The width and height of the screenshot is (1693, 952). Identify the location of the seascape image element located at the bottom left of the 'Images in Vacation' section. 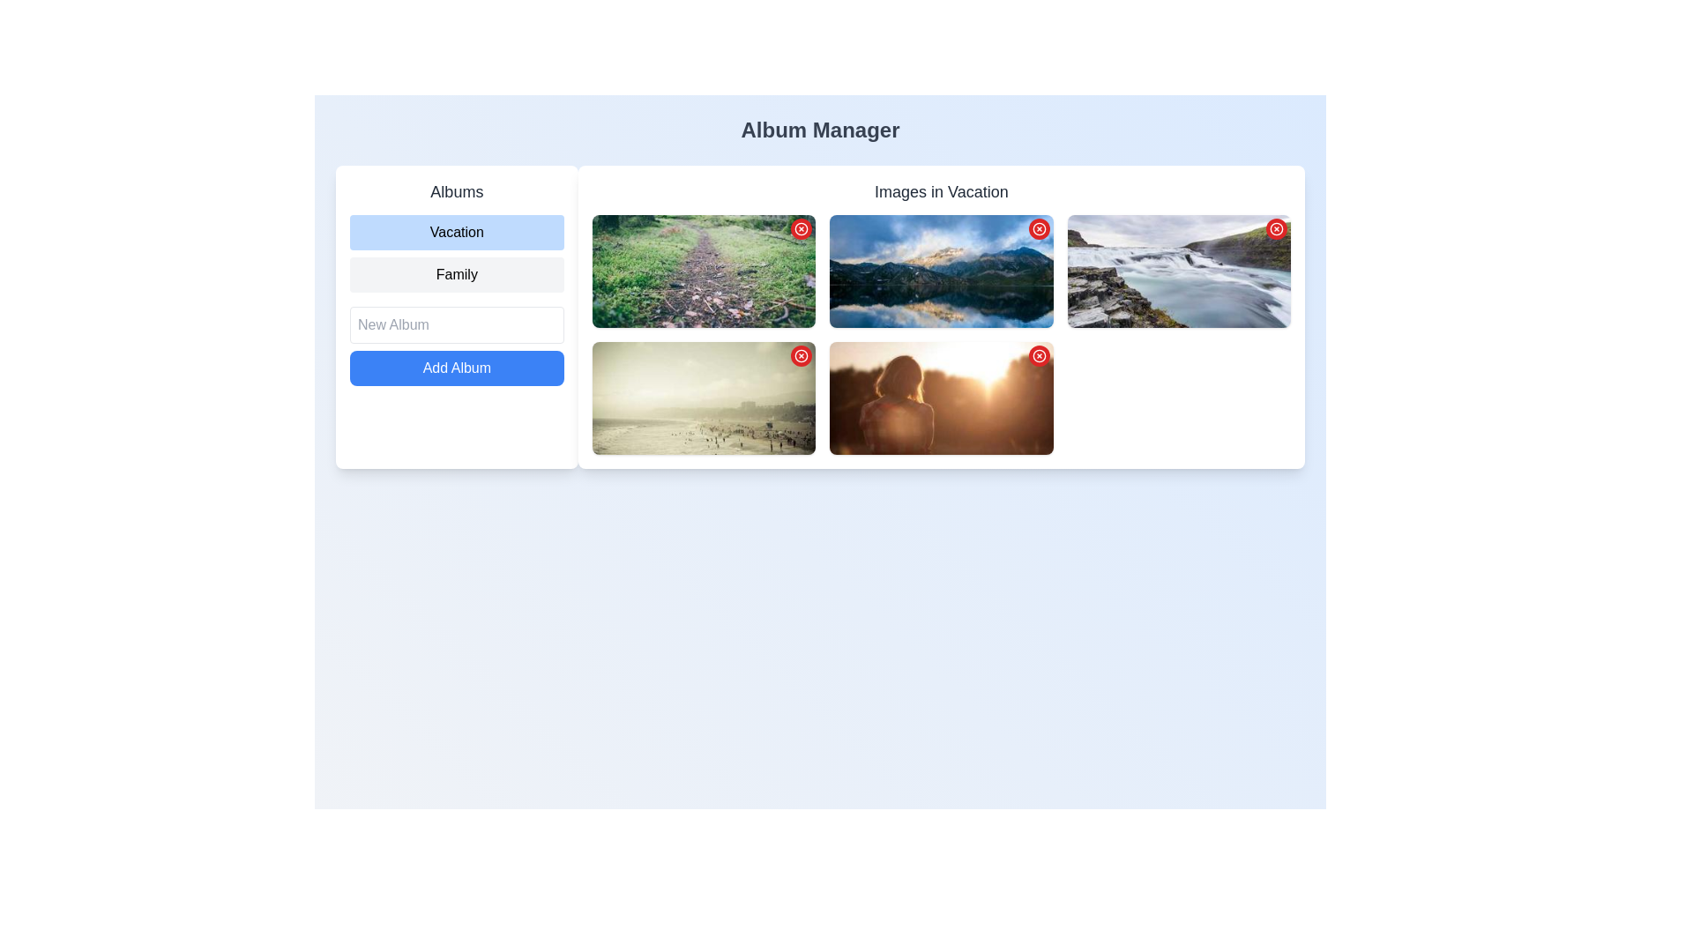
(703, 398).